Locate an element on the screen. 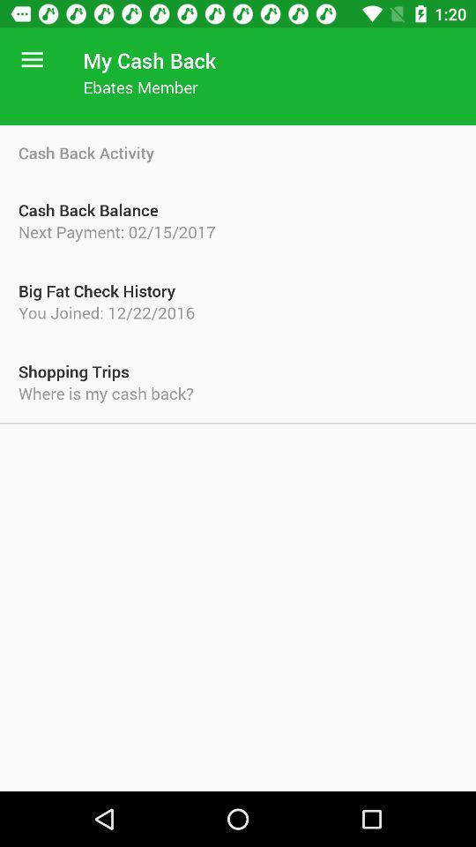 The width and height of the screenshot is (476, 847). the icon below big fat check item is located at coordinates (238, 312).